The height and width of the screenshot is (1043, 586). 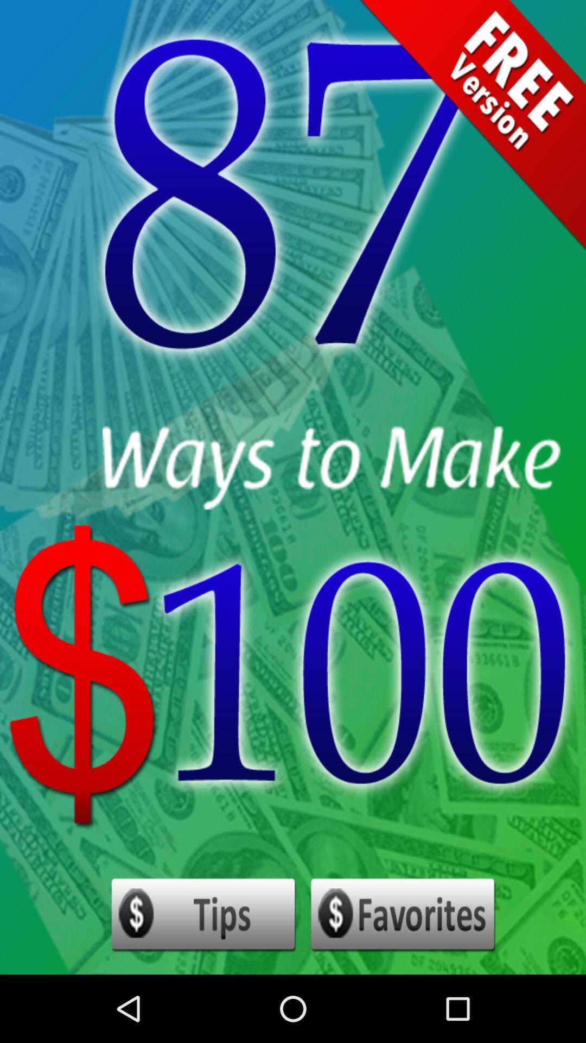 I want to click on sympol button, so click(x=403, y=915).